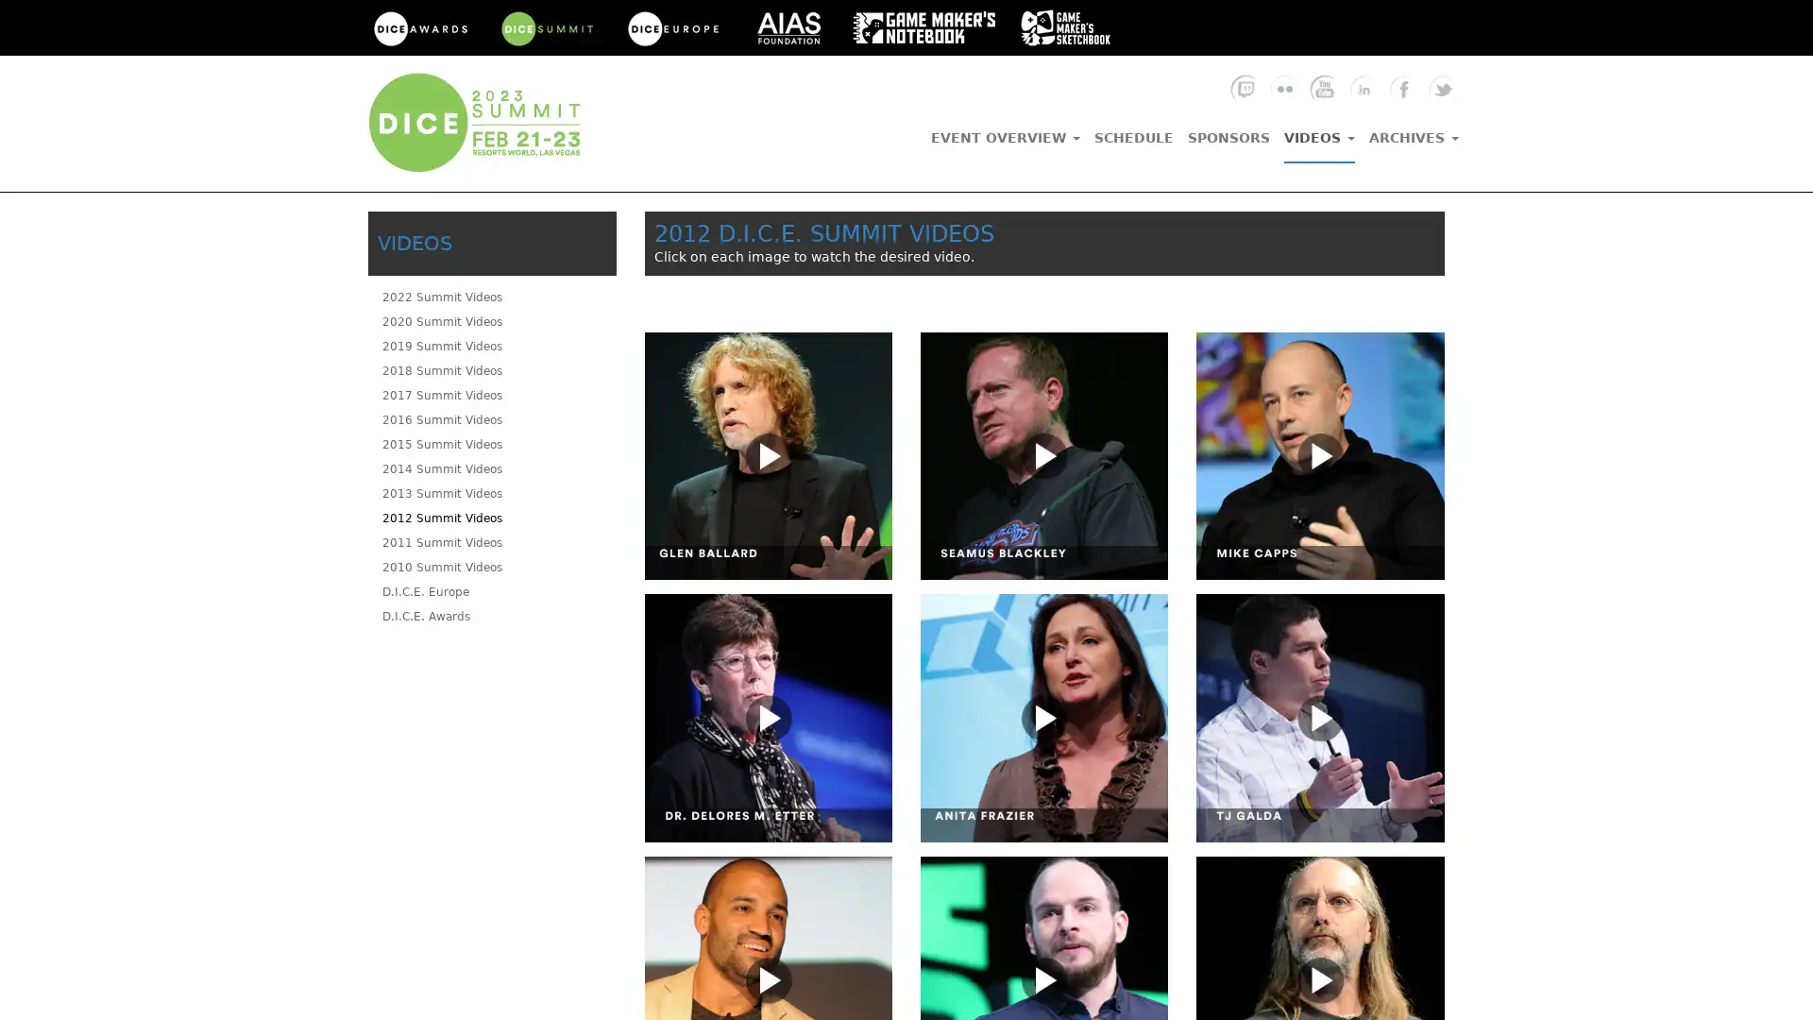 Image resolution: width=1813 pixels, height=1020 pixels. What do you see at coordinates (1318, 137) in the screenshot?
I see `VIDEOS` at bounding box center [1318, 137].